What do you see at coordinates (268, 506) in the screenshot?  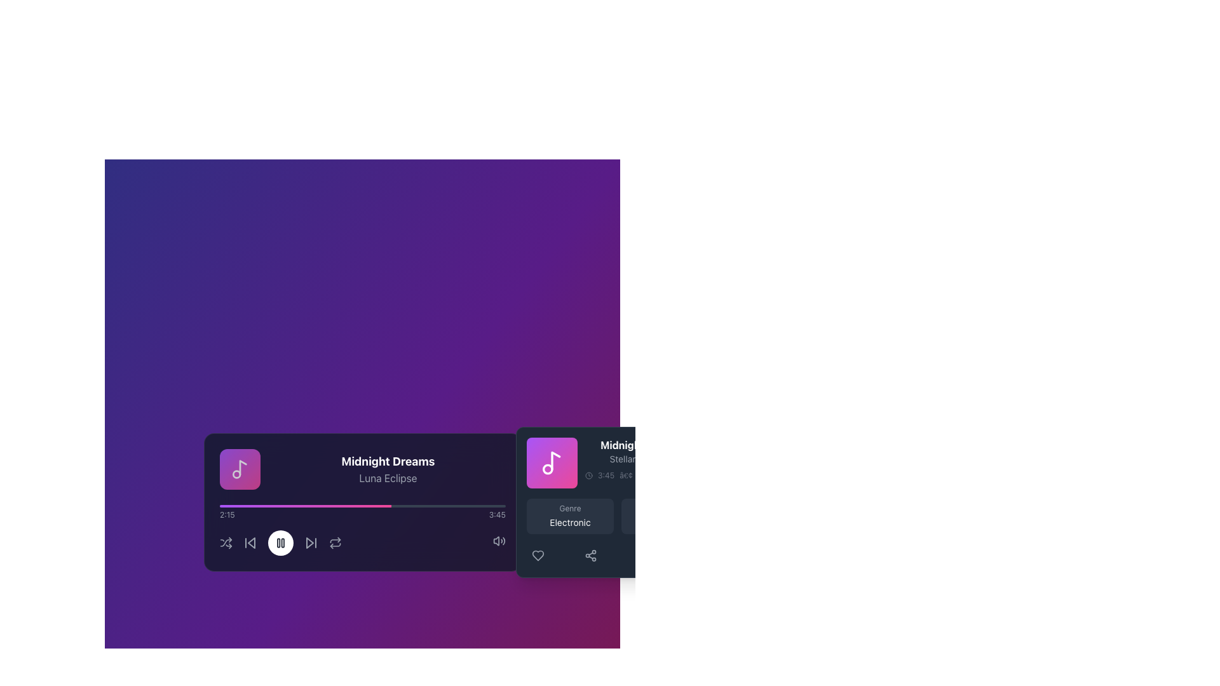 I see `playback progress` at bounding box center [268, 506].